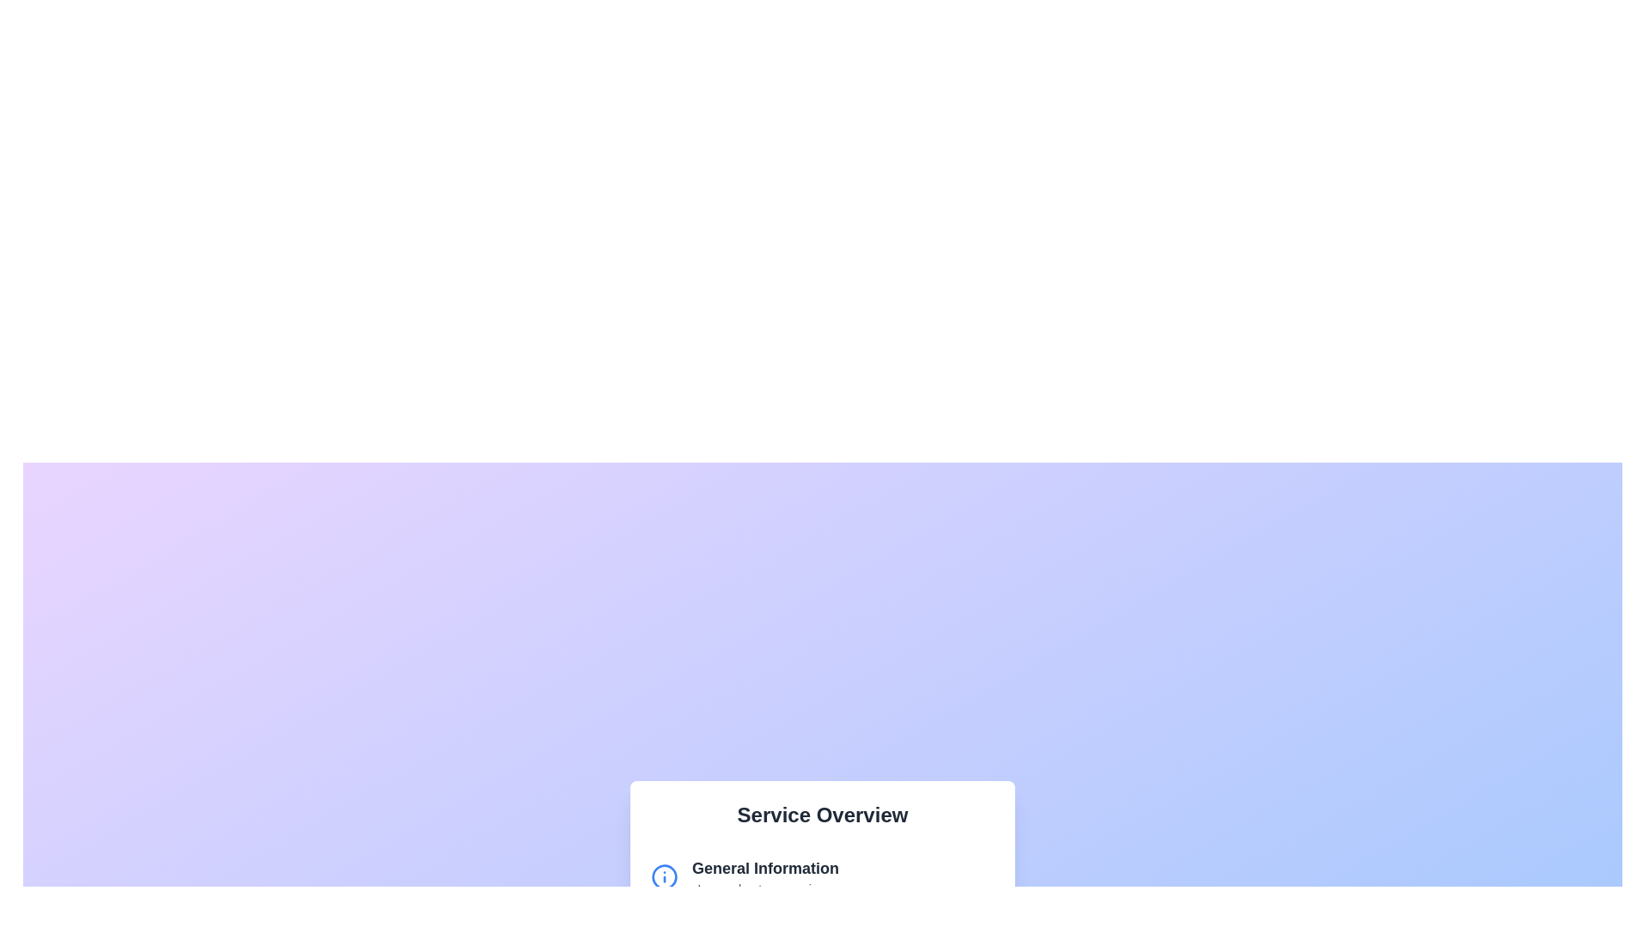  Describe the element at coordinates (663, 877) in the screenshot. I see `the circular icon with a blue outline and white fill, located within the information icon next to the 'General Information' text under the 'Service Overview' header` at that location.